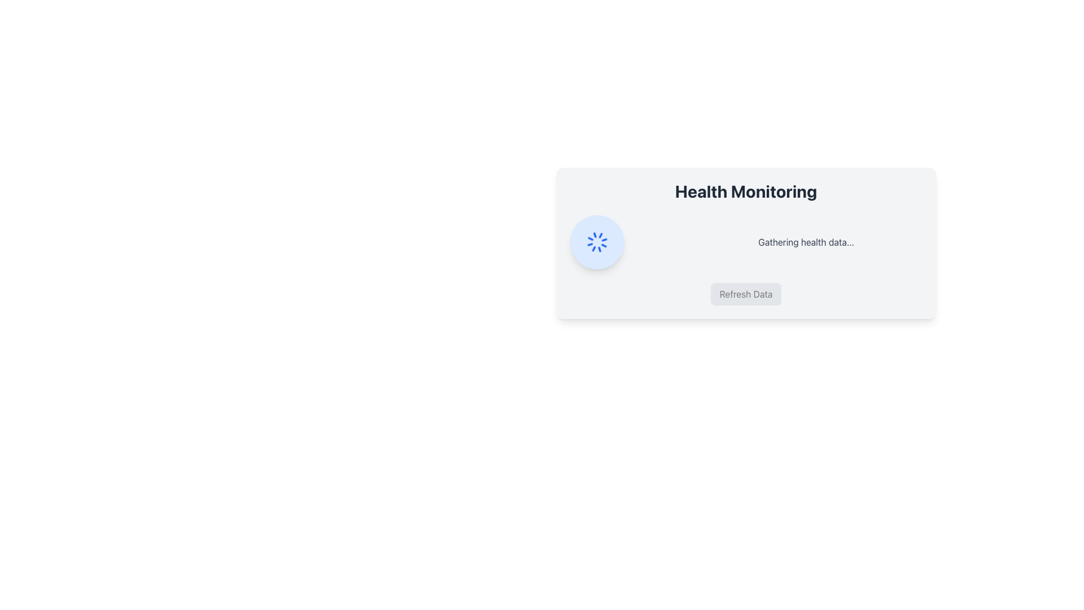 The width and height of the screenshot is (1084, 610). I want to click on the informational block indicating a loading process related to health data updates within the 'Health Monitoring' card, so click(746, 241).